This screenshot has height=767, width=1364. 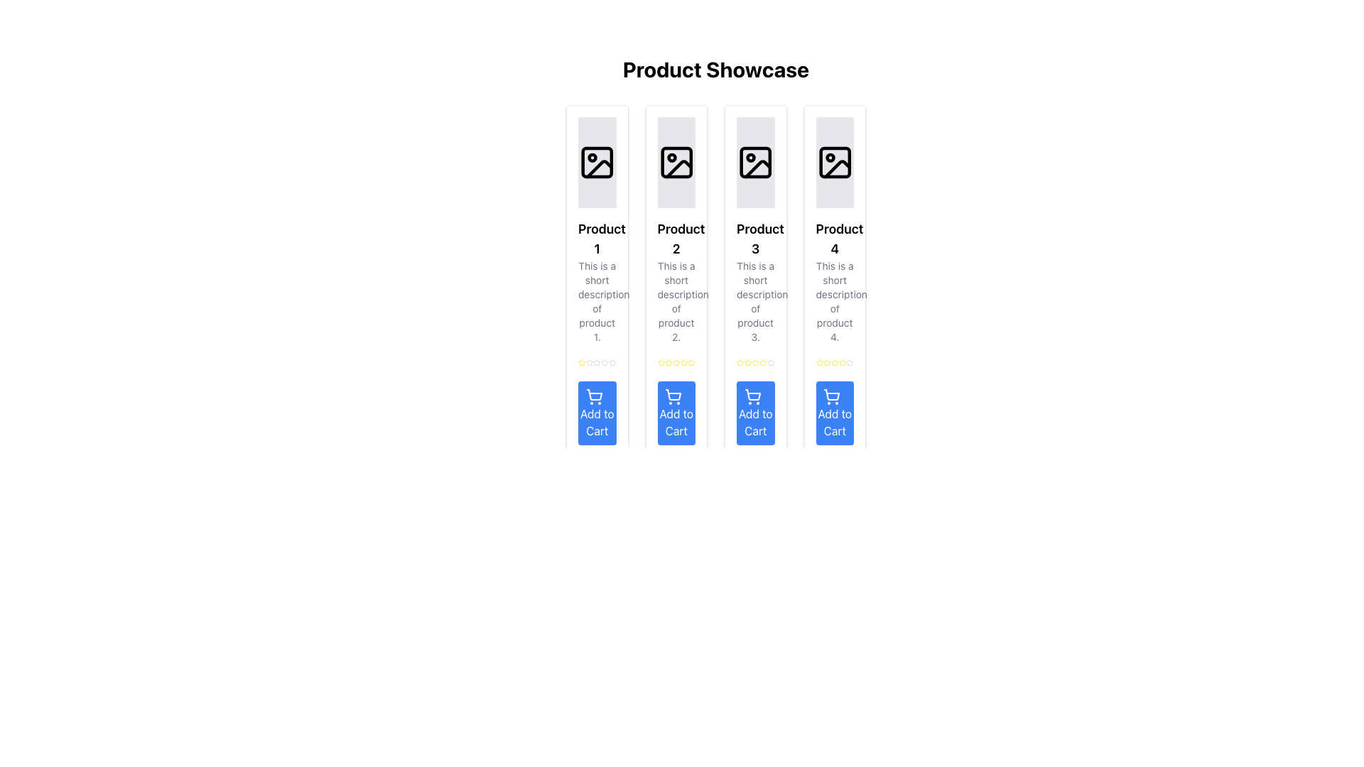 I want to click on the 'Add to Cart' button for 'Product 2', so click(x=676, y=413).